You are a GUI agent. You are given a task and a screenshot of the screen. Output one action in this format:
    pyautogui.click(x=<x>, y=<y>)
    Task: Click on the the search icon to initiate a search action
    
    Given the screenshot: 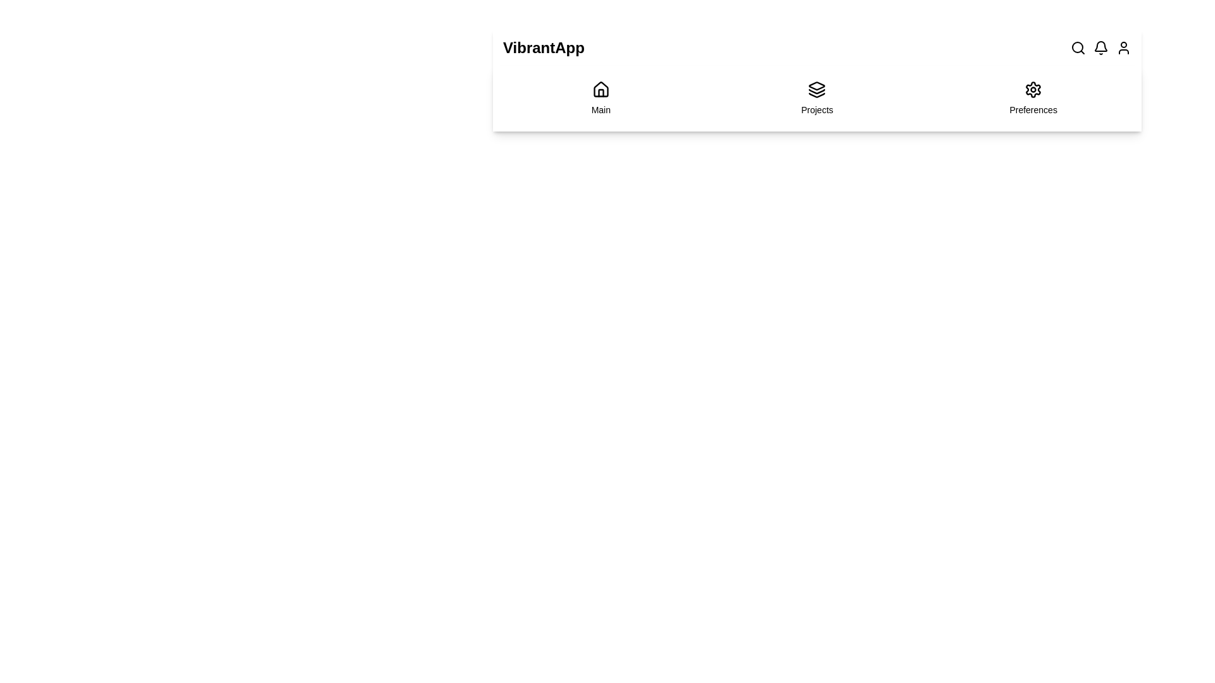 What is the action you would take?
    pyautogui.click(x=1078, y=47)
    